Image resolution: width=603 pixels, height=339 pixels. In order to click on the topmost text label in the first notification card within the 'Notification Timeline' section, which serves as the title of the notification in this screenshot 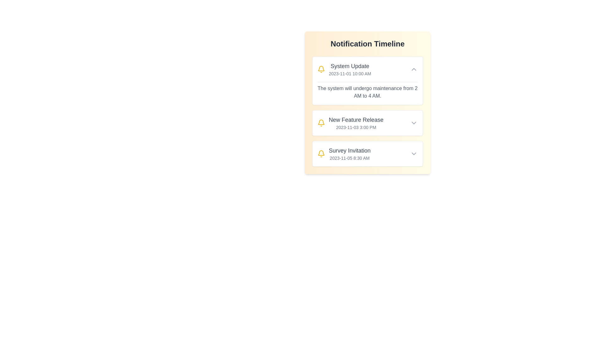, I will do `click(350, 66)`.